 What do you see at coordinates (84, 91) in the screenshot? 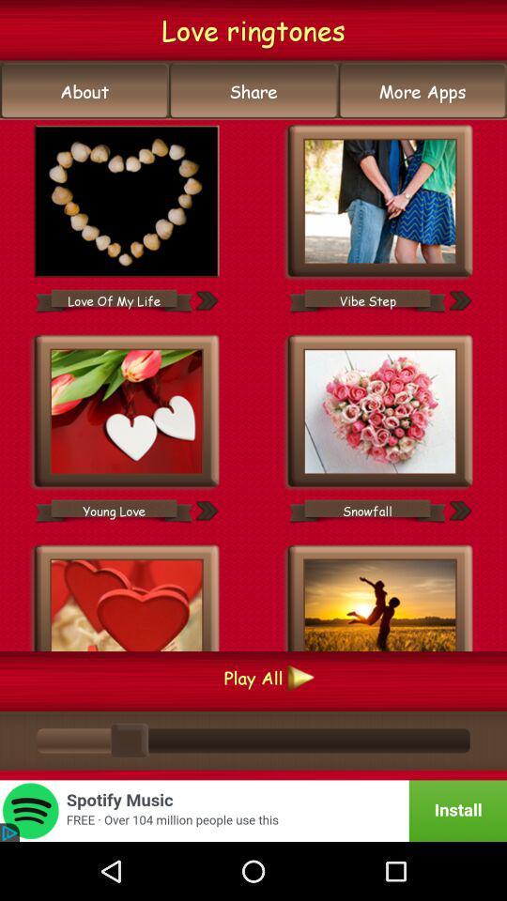
I see `icon next to share item` at bounding box center [84, 91].